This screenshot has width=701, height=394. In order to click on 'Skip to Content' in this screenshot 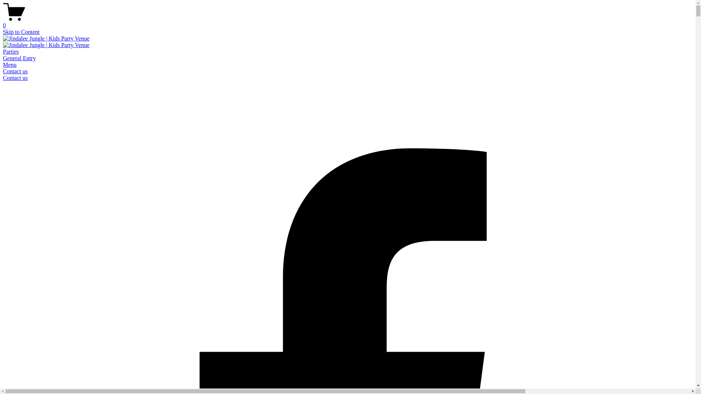, I will do `click(3, 31)`.